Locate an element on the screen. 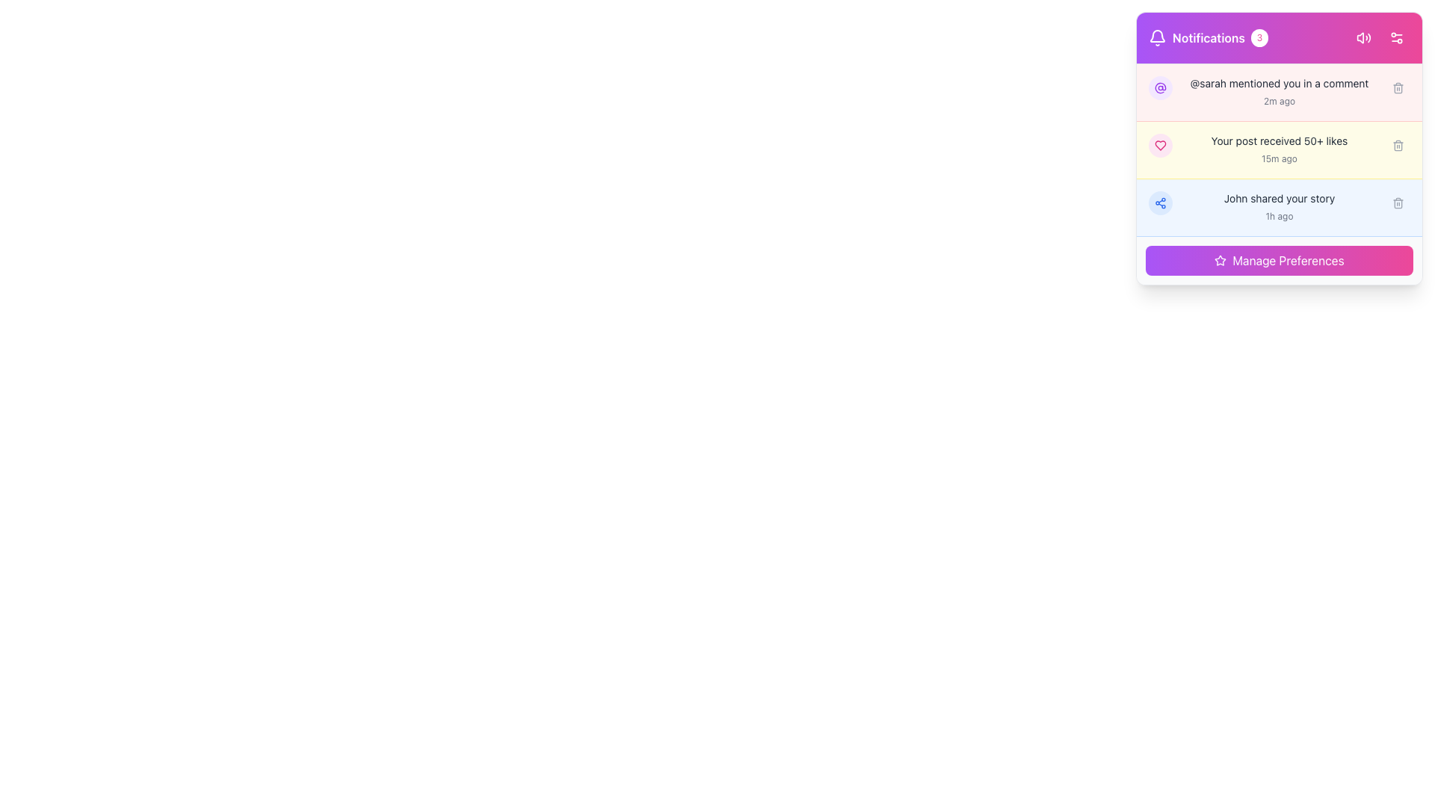 The width and height of the screenshot is (1435, 807). the second notification in the notification center that informs the user about their post receiving 50 or more likes is located at coordinates (1279, 150).